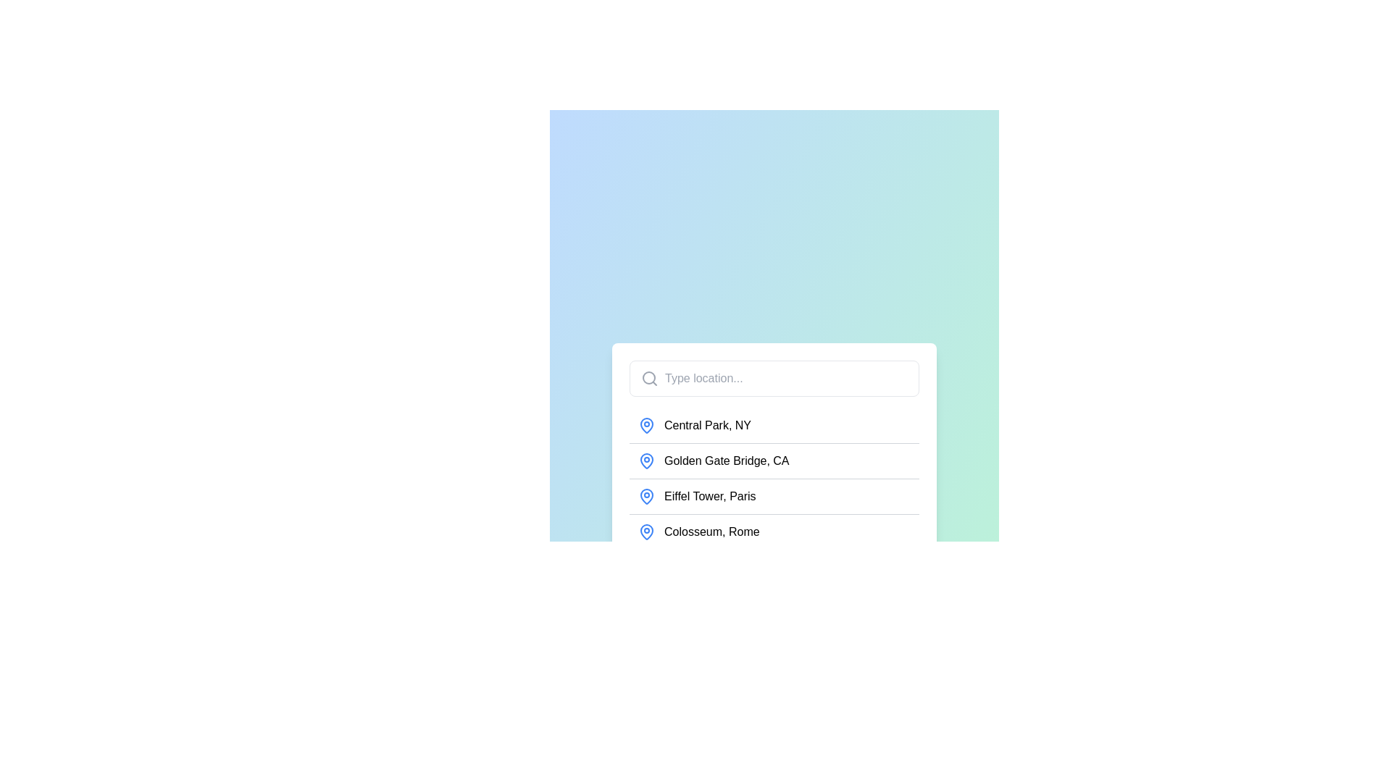 Image resolution: width=1391 pixels, height=782 pixels. What do you see at coordinates (774, 461) in the screenshot?
I see `the second list item that allows users to select 'Golden Gate Bridge, CA' from the location options` at bounding box center [774, 461].